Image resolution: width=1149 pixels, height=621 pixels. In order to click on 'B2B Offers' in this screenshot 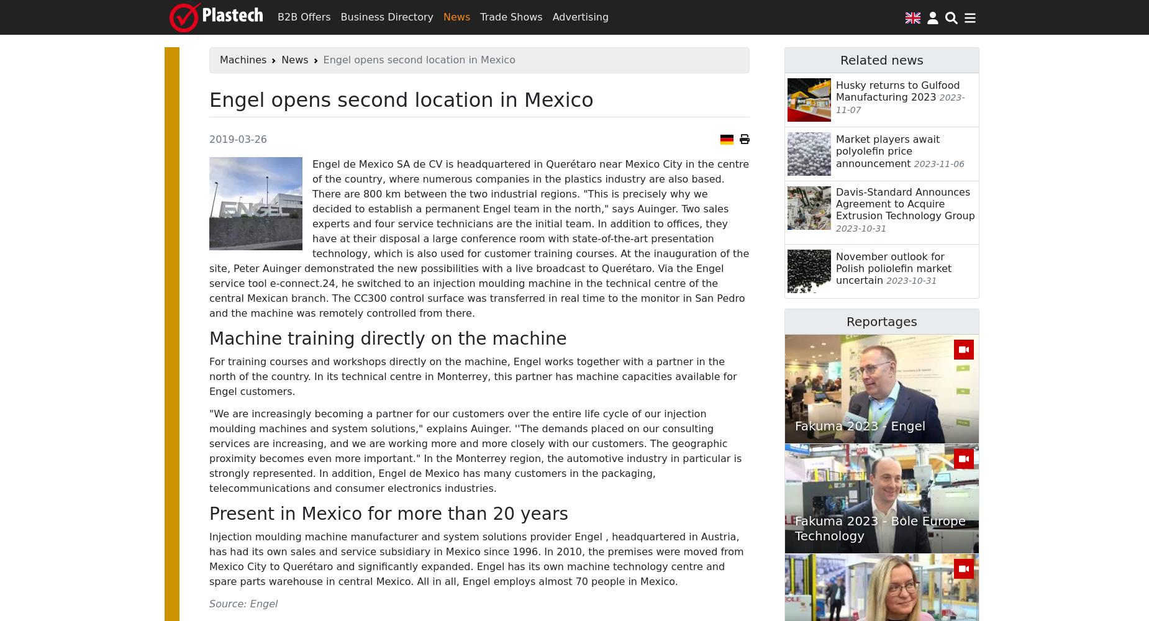, I will do `click(304, 17)`.